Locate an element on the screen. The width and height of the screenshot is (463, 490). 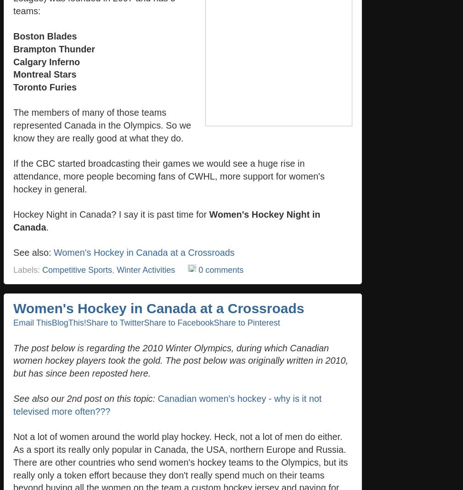
'Boston Blades' is located at coordinates (45, 35).